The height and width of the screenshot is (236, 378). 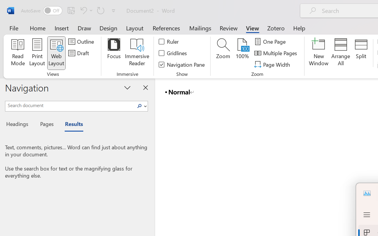 What do you see at coordinates (169, 42) in the screenshot?
I see `'Ruler'` at bounding box center [169, 42].